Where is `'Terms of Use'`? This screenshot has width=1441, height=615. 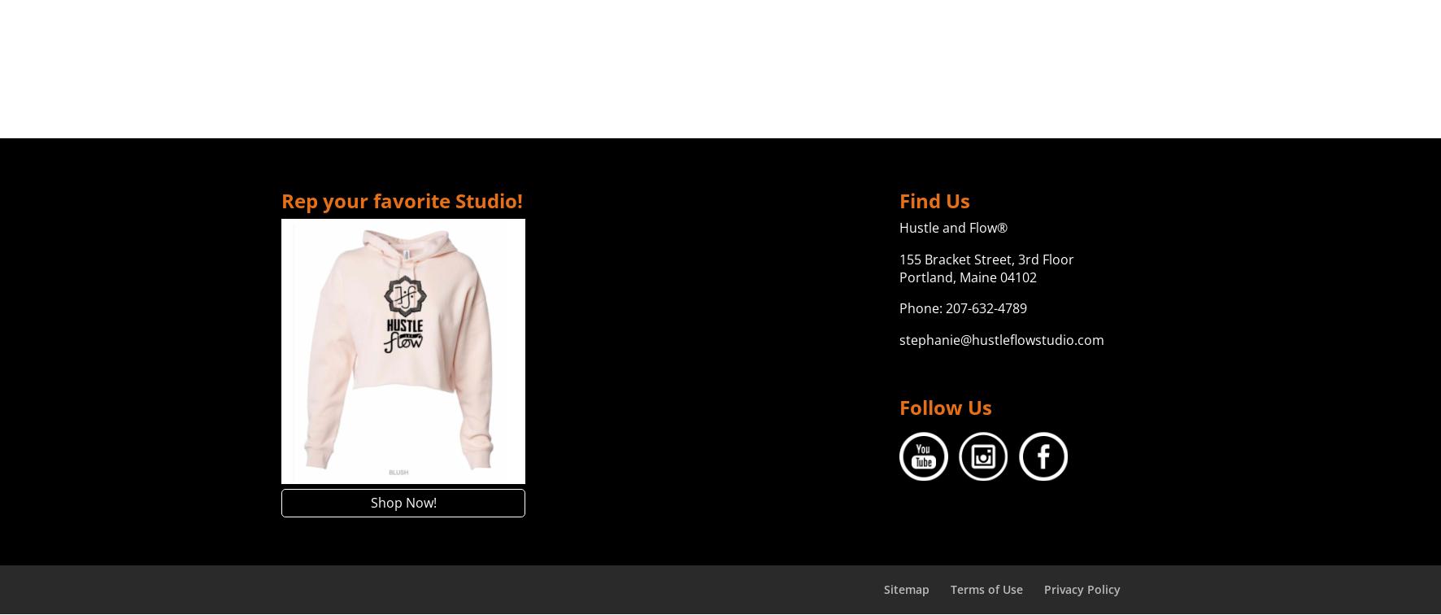 'Terms of Use' is located at coordinates (986, 588).